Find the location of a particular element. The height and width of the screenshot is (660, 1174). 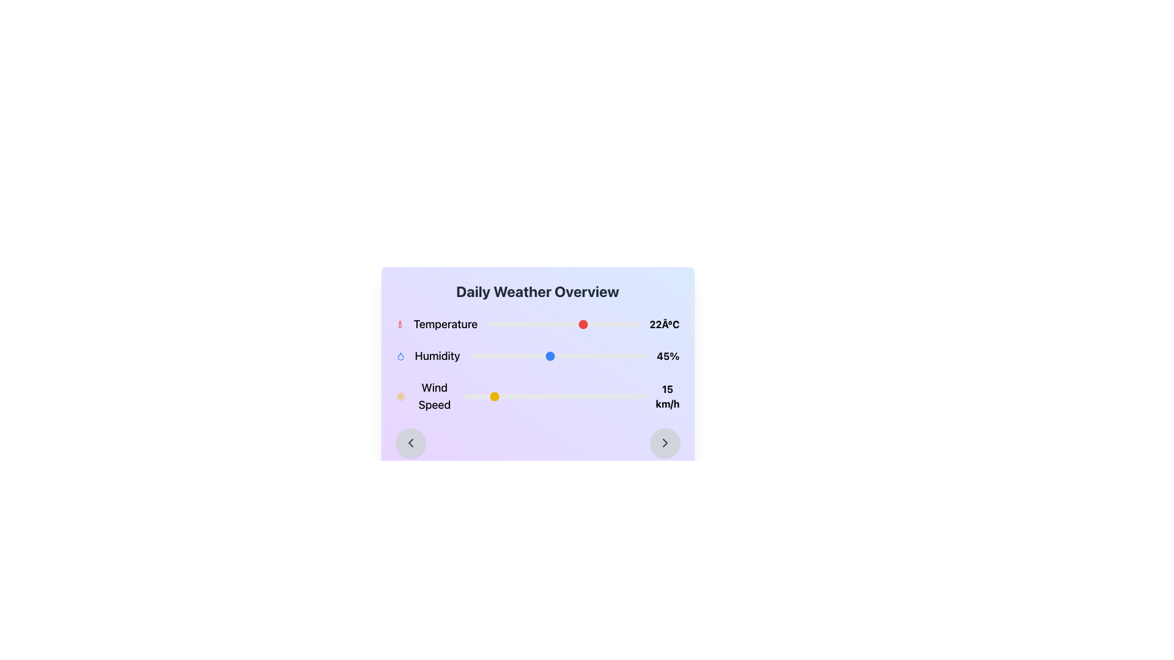

humidity is located at coordinates (556, 356).